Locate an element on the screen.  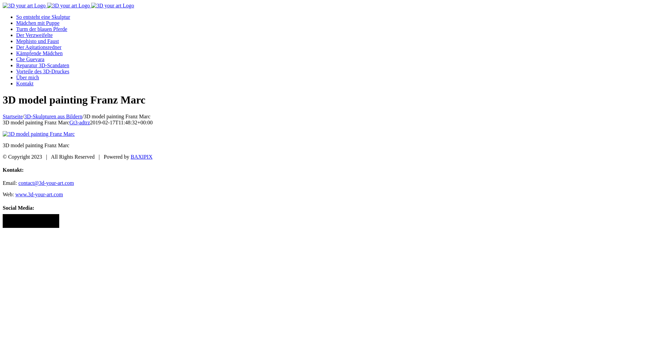
'LinkedIn' is located at coordinates (23, 221).